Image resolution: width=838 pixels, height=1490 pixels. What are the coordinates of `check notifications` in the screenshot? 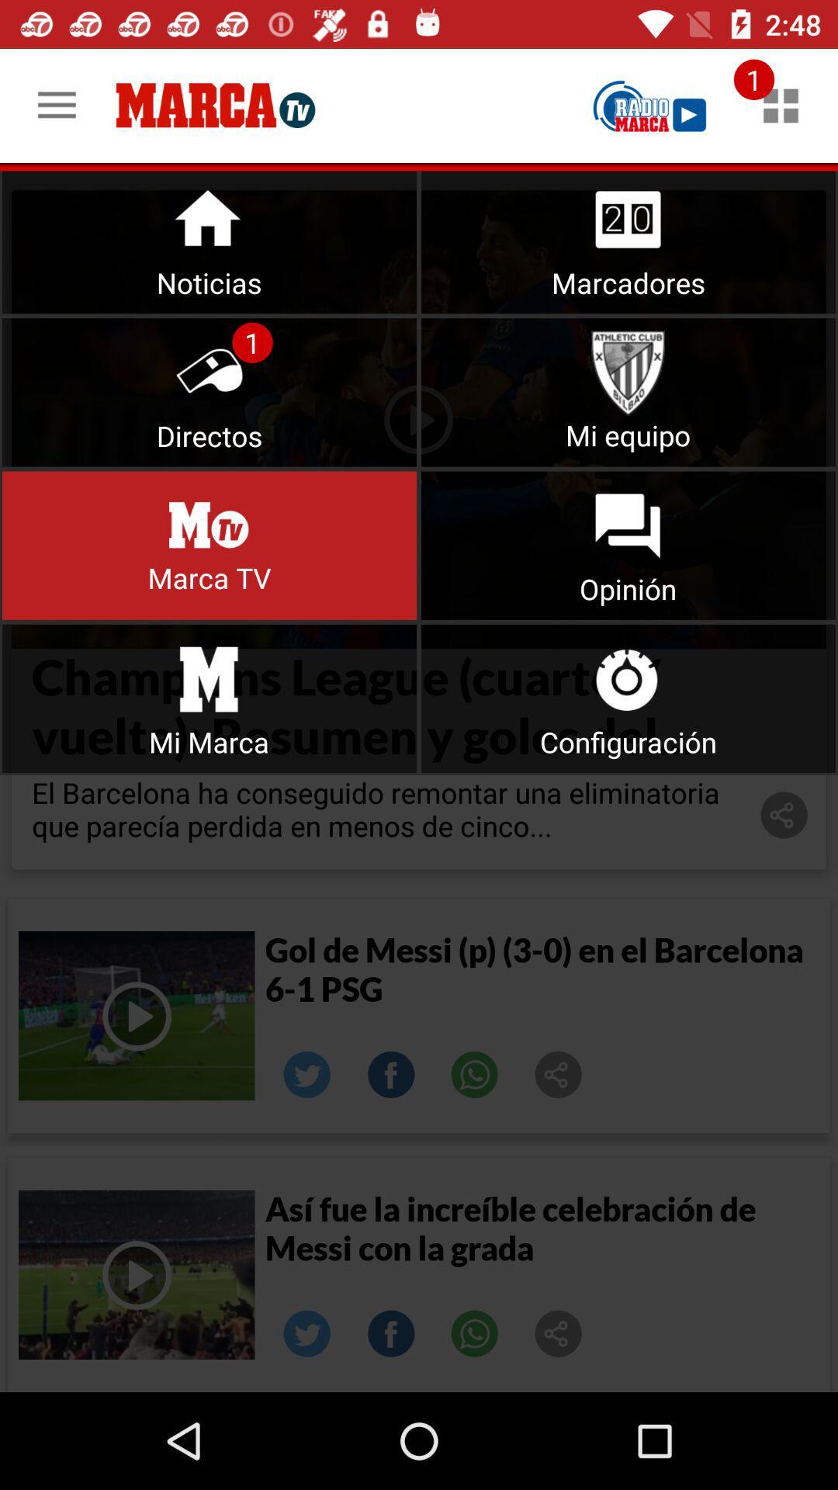 It's located at (781, 105).